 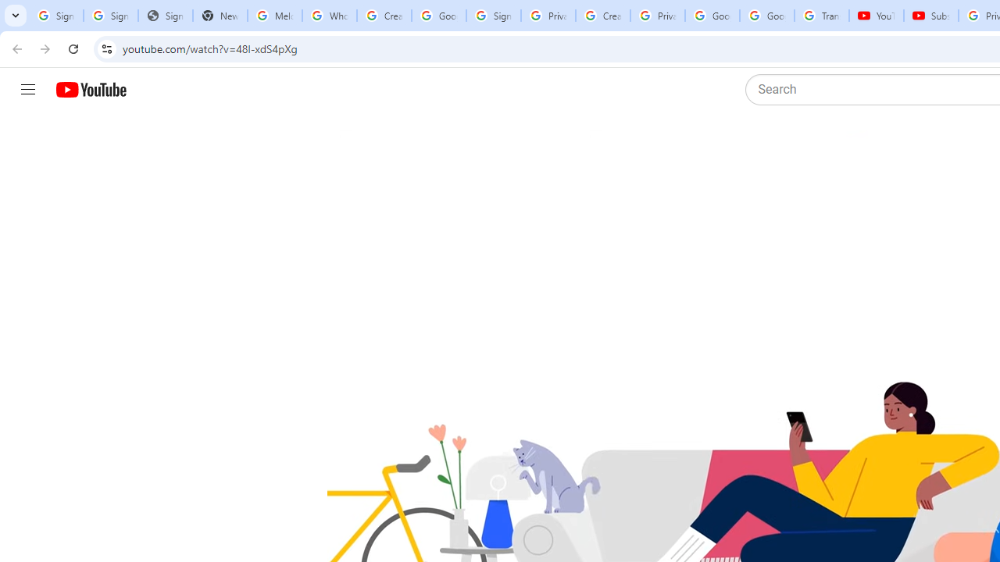 I want to click on 'YouTube', so click(x=876, y=16).